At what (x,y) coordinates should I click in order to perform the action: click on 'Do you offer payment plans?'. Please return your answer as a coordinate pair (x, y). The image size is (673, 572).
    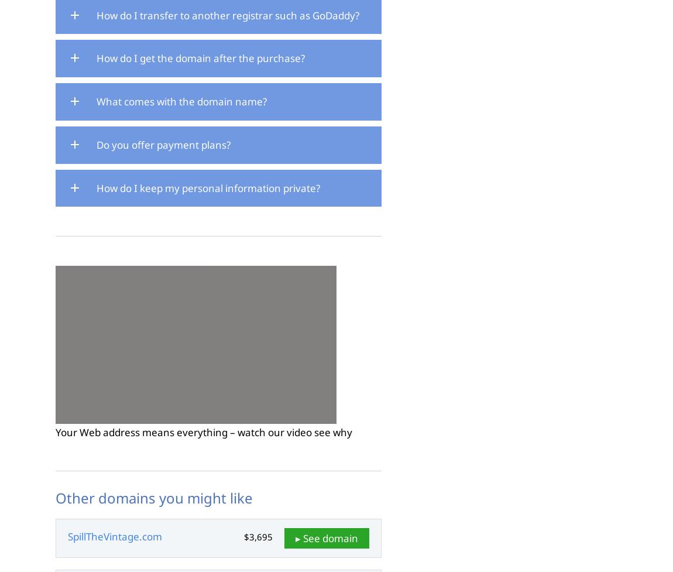
    Looking at the image, I should click on (163, 143).